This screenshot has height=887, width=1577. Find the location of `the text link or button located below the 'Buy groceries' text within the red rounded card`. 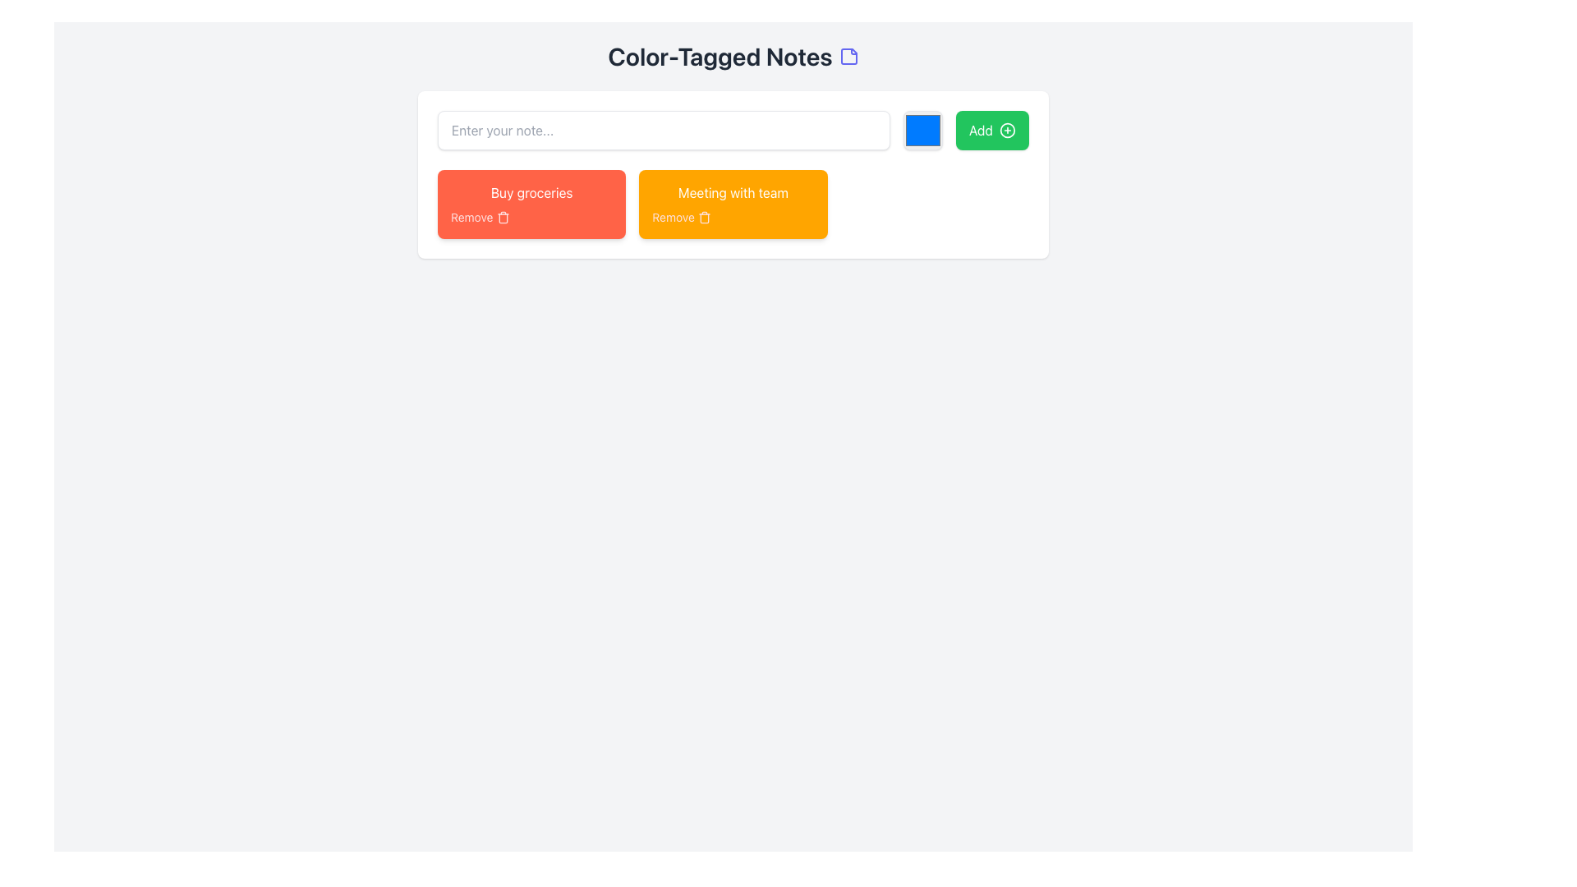

the text link or button located below the 'Buy groceries' text within the red rounded card is located at coordinates (531, 217).